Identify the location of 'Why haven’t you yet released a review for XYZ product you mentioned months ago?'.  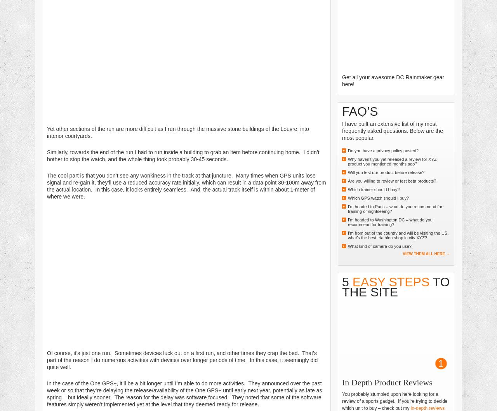
(392, 161).